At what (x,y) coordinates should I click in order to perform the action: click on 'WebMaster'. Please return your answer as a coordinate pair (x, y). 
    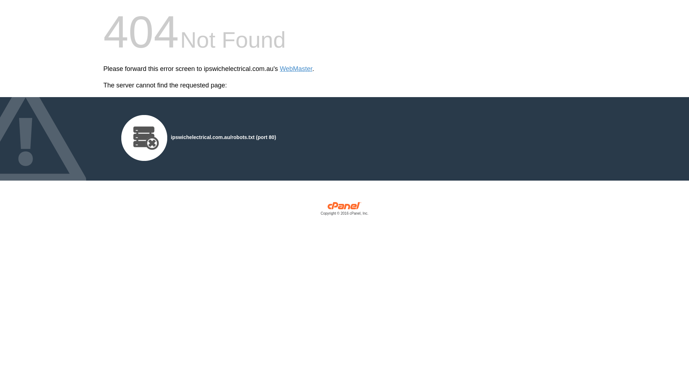
    Looking at the image, I should click on (279, 69).